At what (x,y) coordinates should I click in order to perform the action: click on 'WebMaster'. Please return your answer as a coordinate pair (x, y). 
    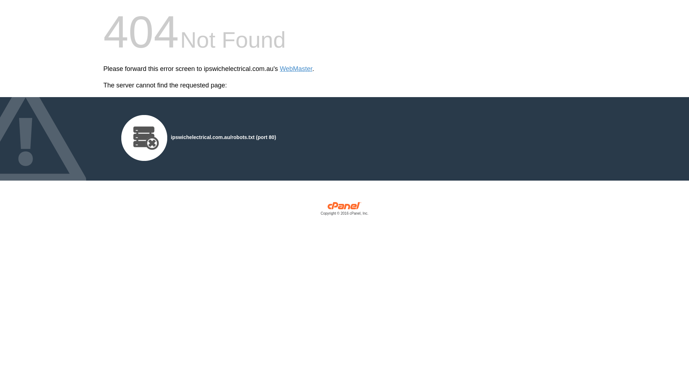
    Looking at the image, I should click on (279, 69).